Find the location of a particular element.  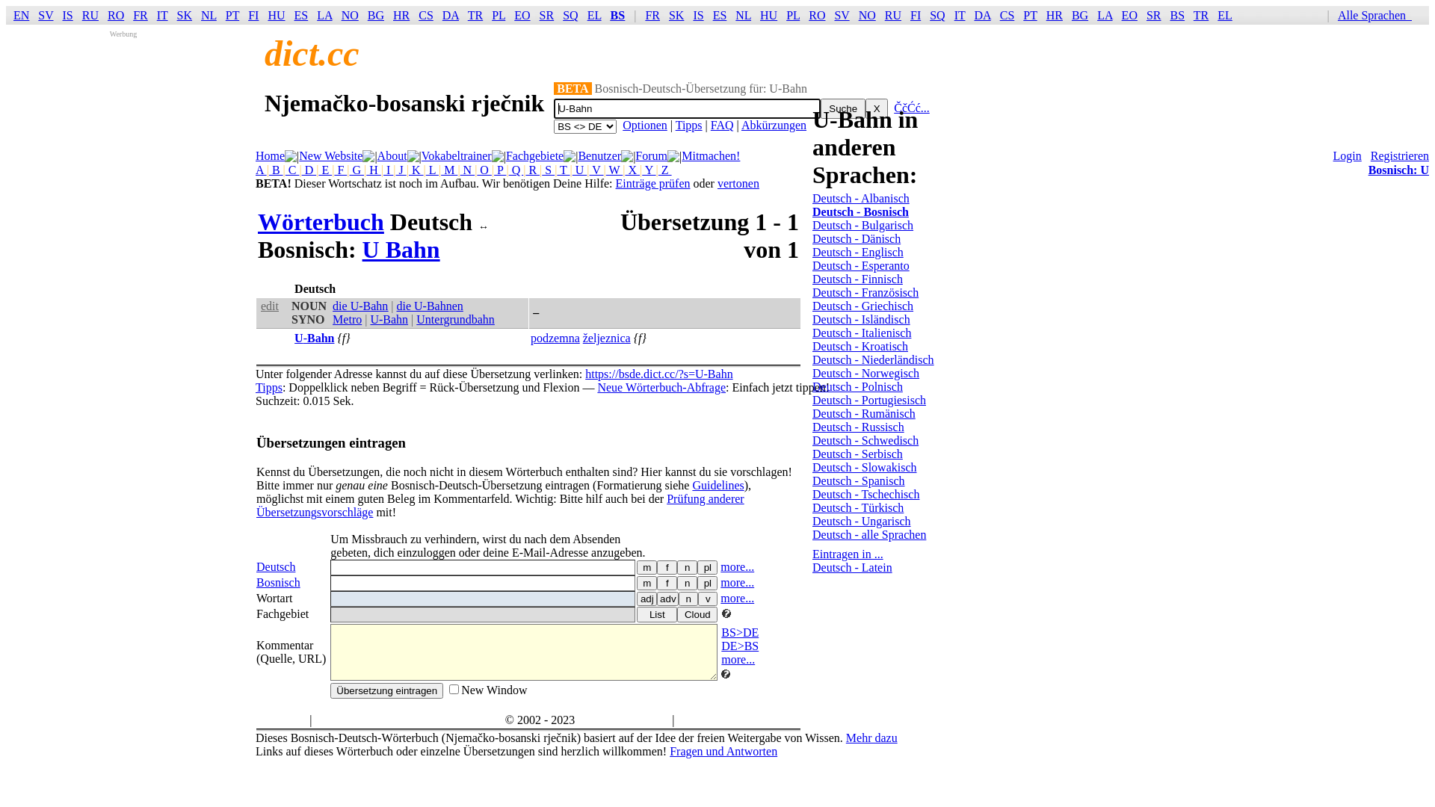

'Deutsch - Italienisch' is located at coordinates (861, 332).